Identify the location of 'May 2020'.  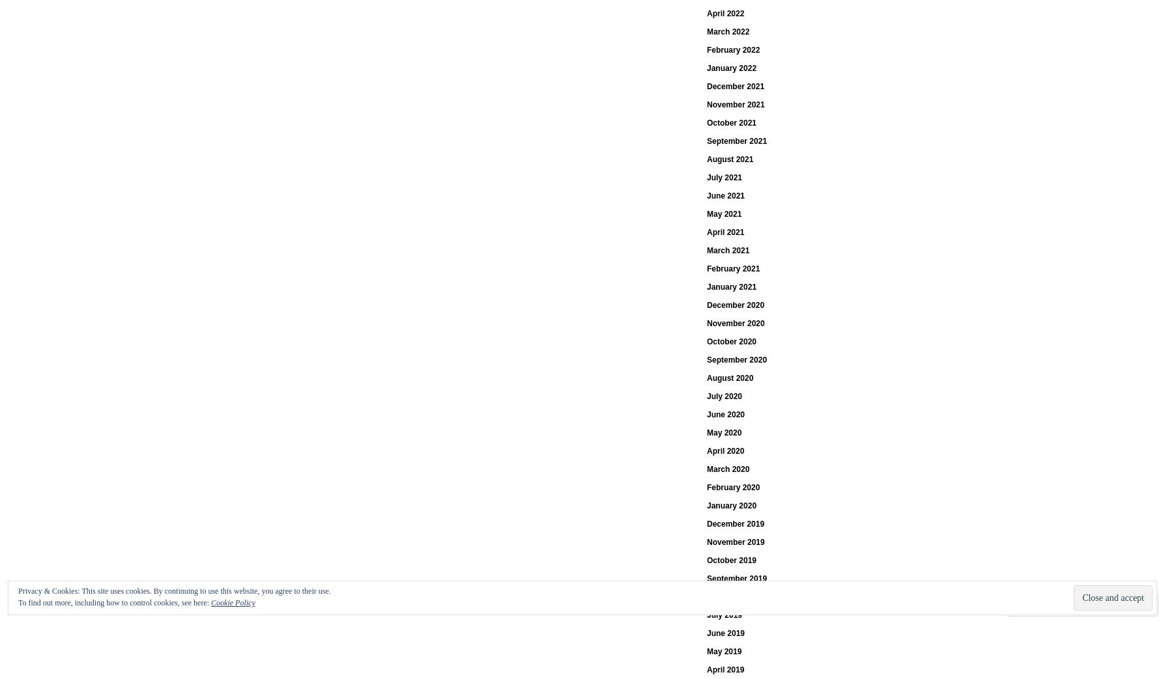
(706, 432).